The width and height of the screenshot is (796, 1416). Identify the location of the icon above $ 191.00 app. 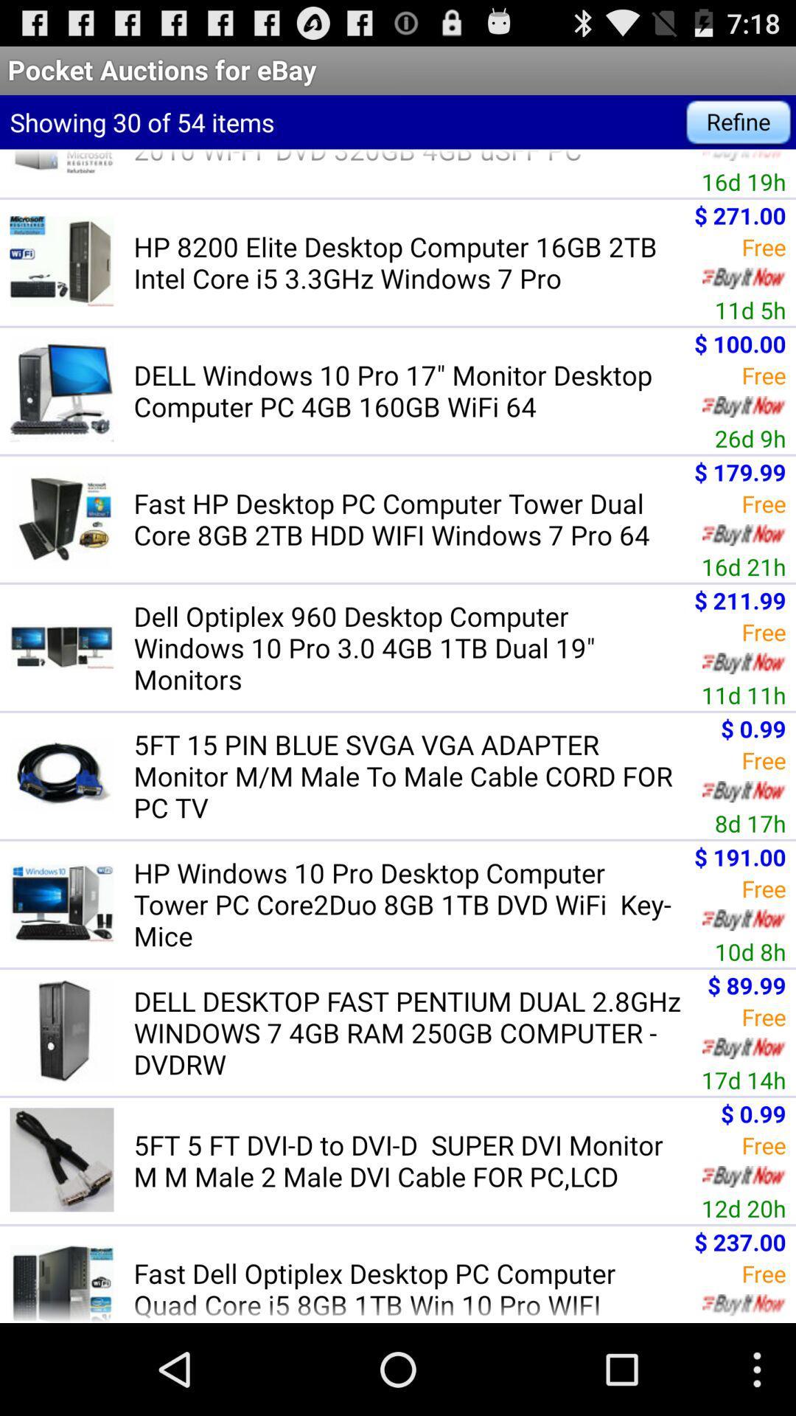
(750, 822).